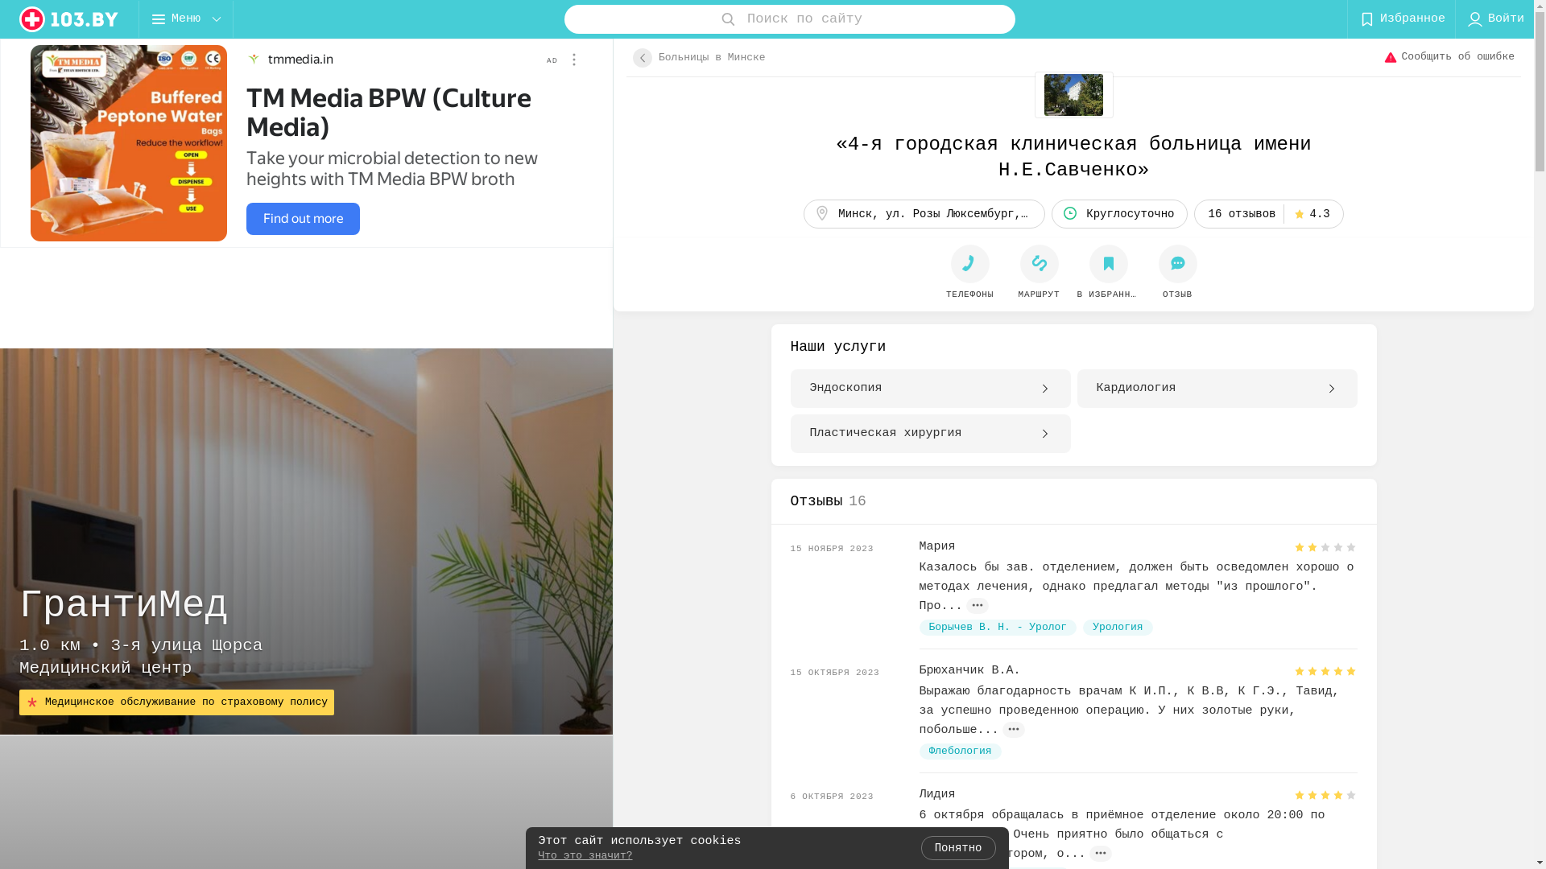 The width and height of the screenshot is (1546, 869). What do you see at coordinates (68, 19) in the screenshot?
I see `'logo'` at bounding box center [68, 19].